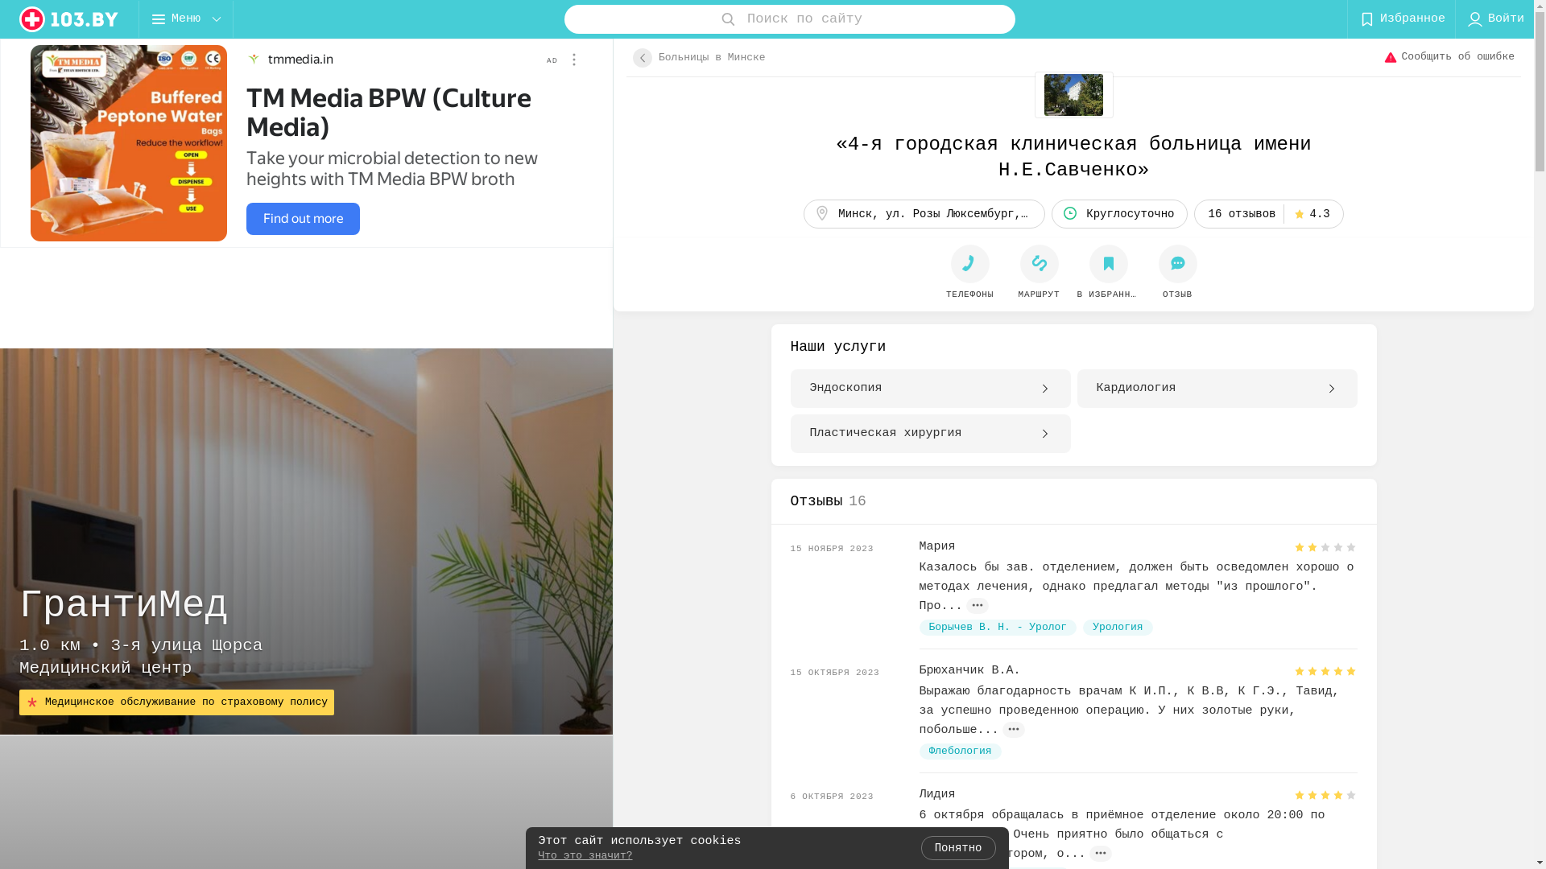 The width and height of the screenshot is (1546, 869). What do you see at coordinates (68, 19) in the screenshot?
I see `'logo'` at bounding box center [68, 19].